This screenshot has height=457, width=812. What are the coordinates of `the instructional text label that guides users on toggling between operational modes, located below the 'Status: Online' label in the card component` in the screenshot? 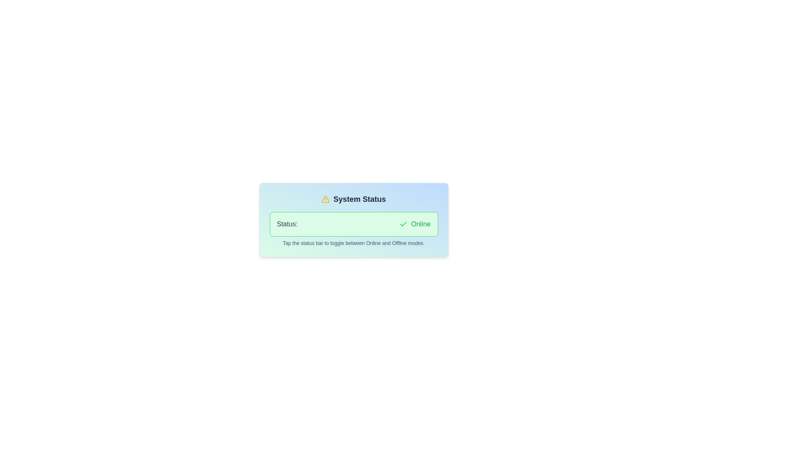 It's located at (354, 243).